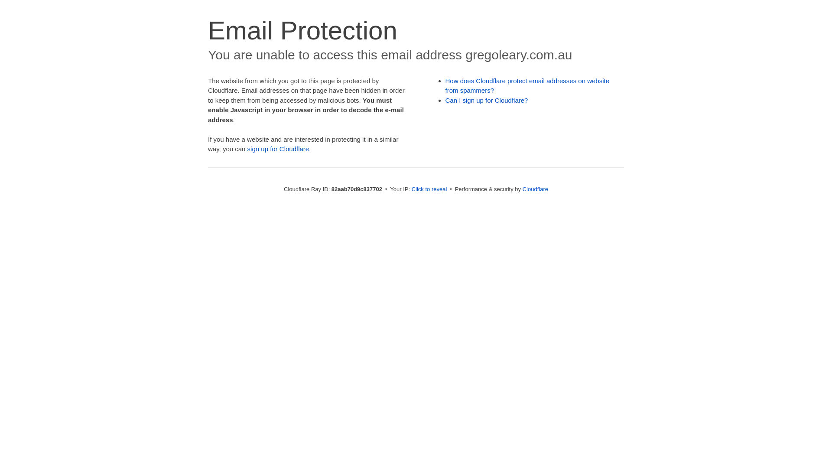 The height and width of the screenshot is (468, 832). What do you see at coordinates (535, 188) in the screenshot?
I see `'Cloudflare'` at bounding box center [535, 188].